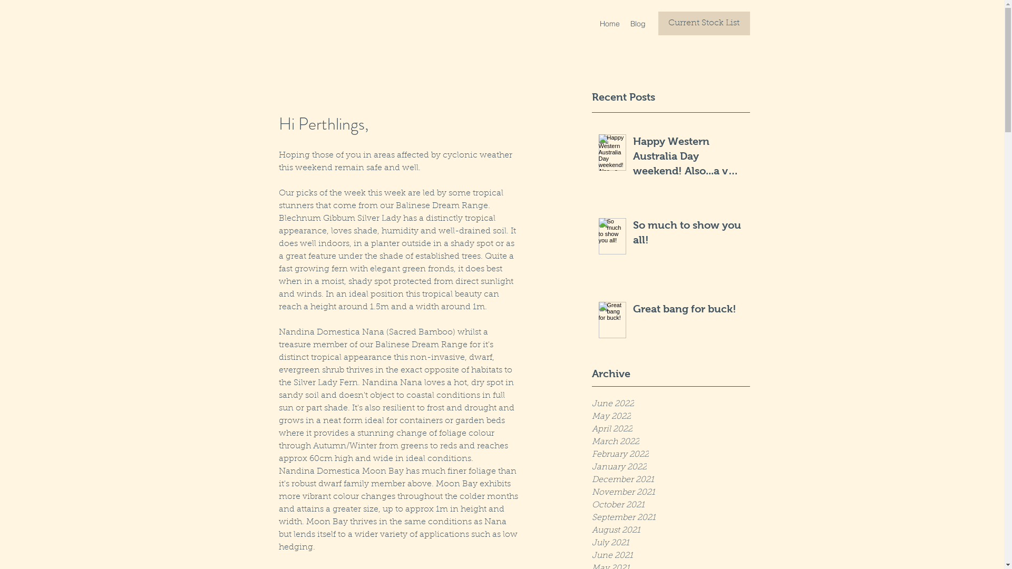 The height and width of the screenshot is (569, 1012). Describe the element at coordinates (637, 24) in the screenshot. I see `'Blog'` at that location.